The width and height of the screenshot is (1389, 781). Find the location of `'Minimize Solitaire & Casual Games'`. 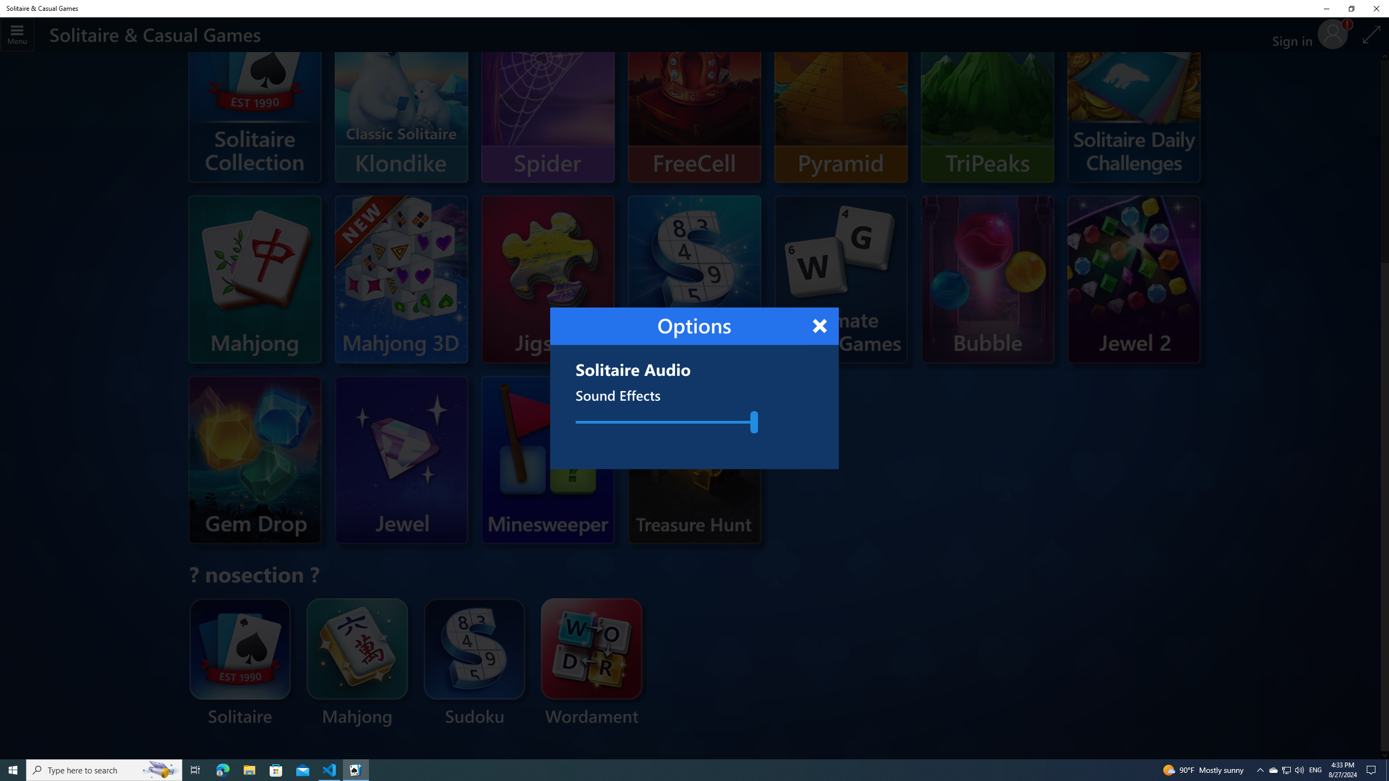

'Minimize Solitaire & Casual Games' is located at coordinates (1326, 8).